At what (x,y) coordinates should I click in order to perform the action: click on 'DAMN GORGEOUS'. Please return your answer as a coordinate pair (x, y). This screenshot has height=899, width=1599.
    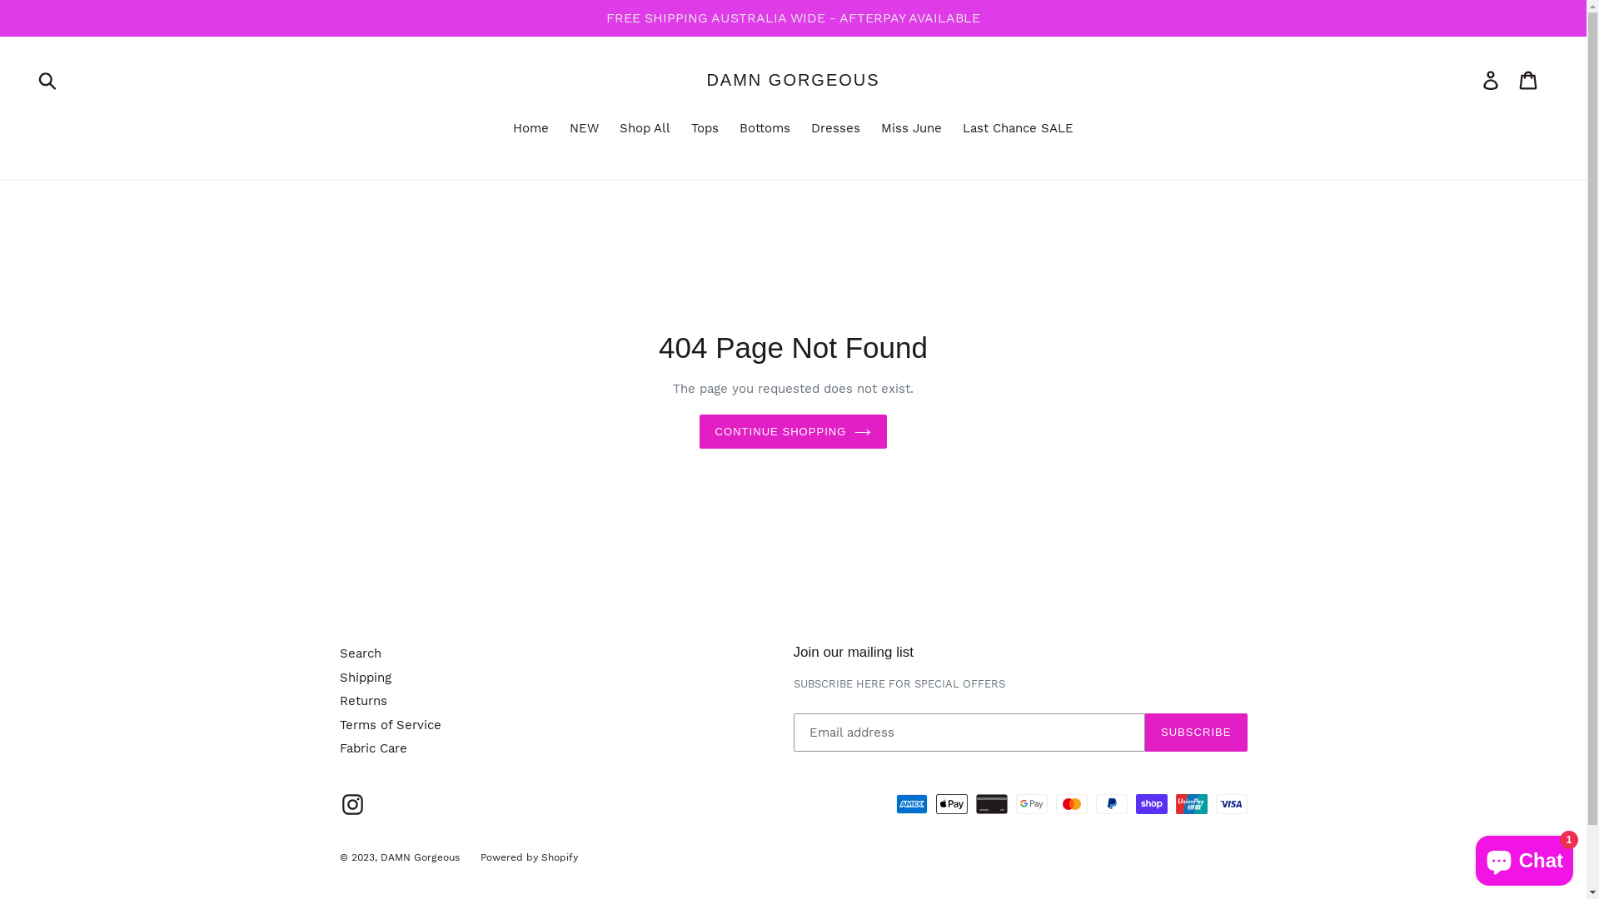
    Looking at the image, I should click on (791, 80).